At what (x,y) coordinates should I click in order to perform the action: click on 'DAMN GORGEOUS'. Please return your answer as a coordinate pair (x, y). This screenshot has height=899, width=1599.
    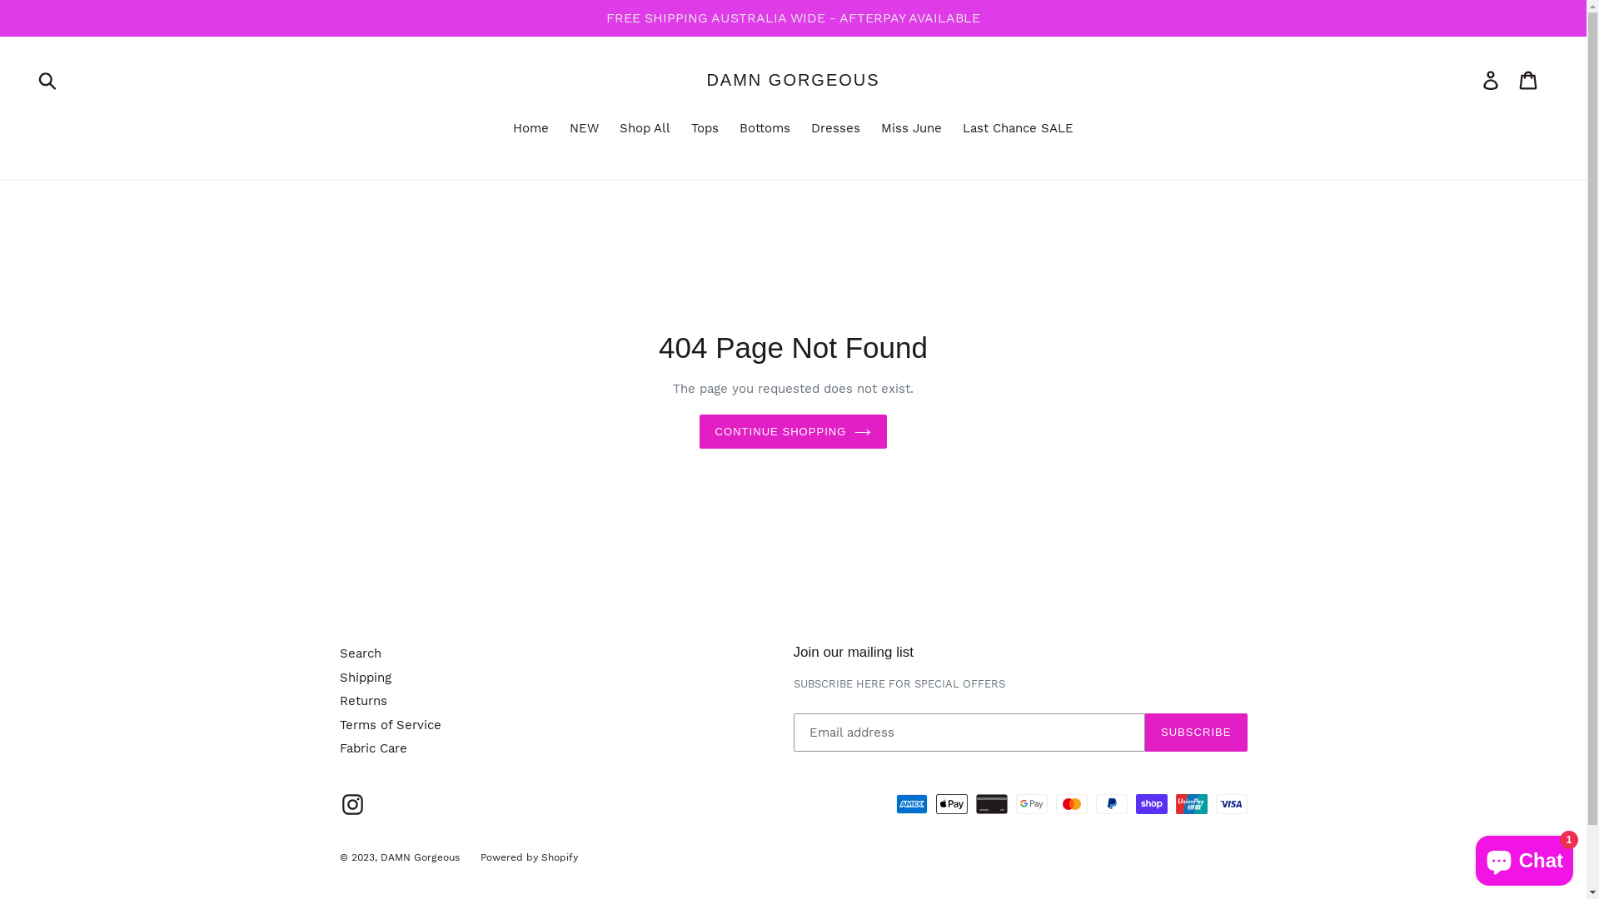
    Looking at the image, I should click on (791, 80).